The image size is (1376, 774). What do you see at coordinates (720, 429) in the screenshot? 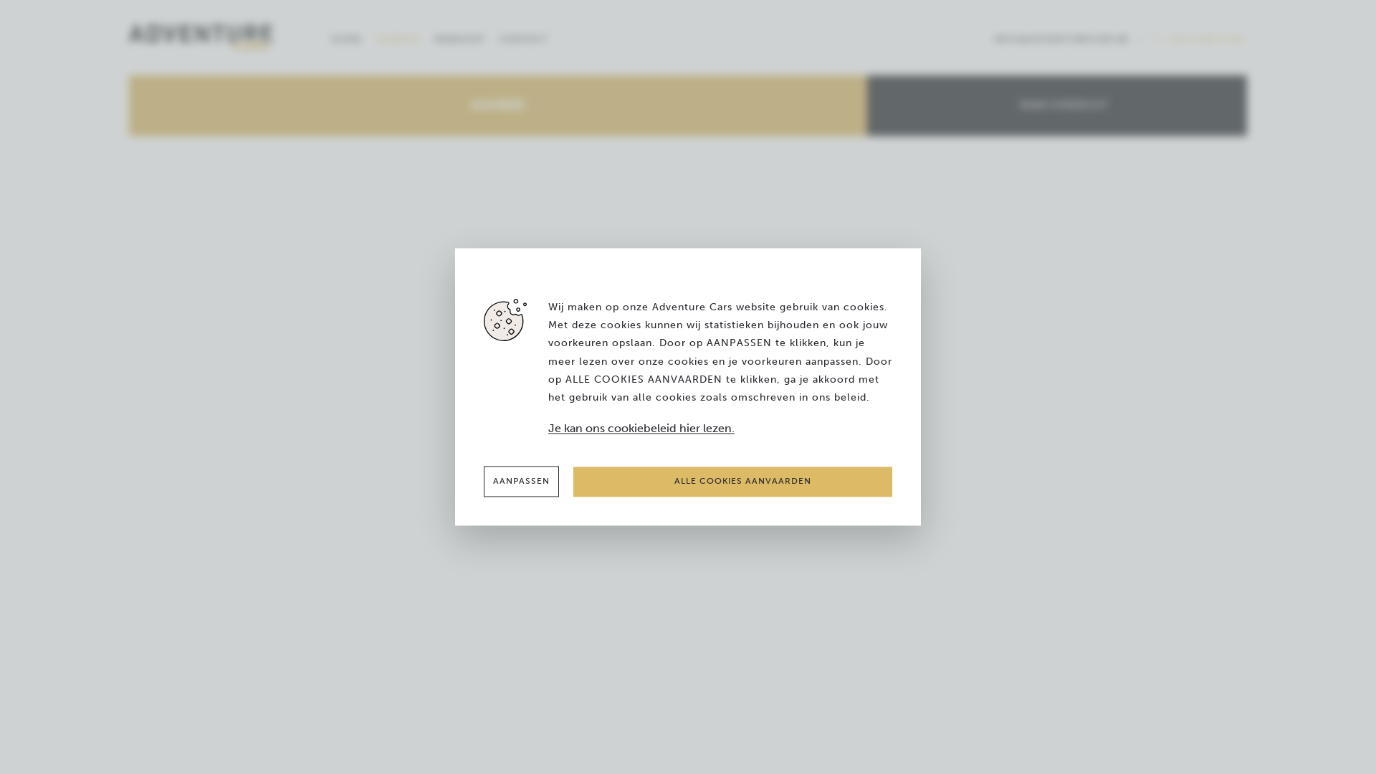
I see `'Je kan ons cookiebeleid hier lezen.'` at bounding box center [720, 429].